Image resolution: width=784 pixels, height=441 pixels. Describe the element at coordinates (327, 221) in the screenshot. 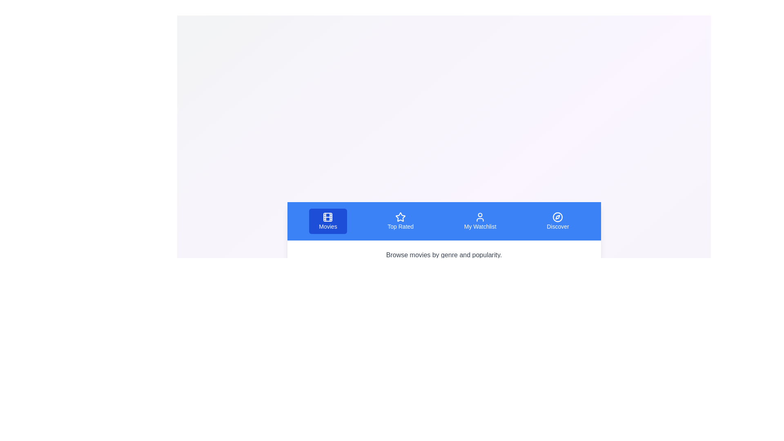

I see `the tab labeled Movies to view its content` at that location.